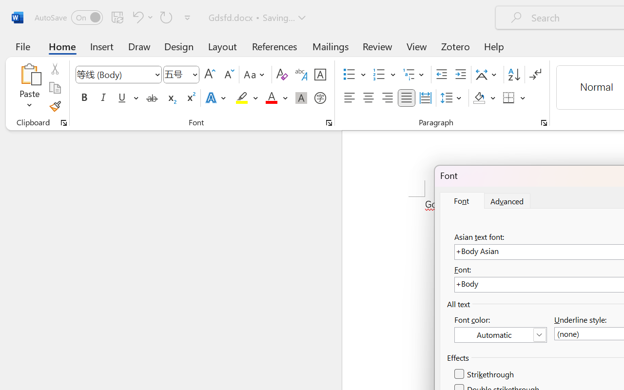 The height and width of the screenshot is (390, 624). Describe the element at coordinates (368, 98) in the screenshot. I see `'Center'` at that location.